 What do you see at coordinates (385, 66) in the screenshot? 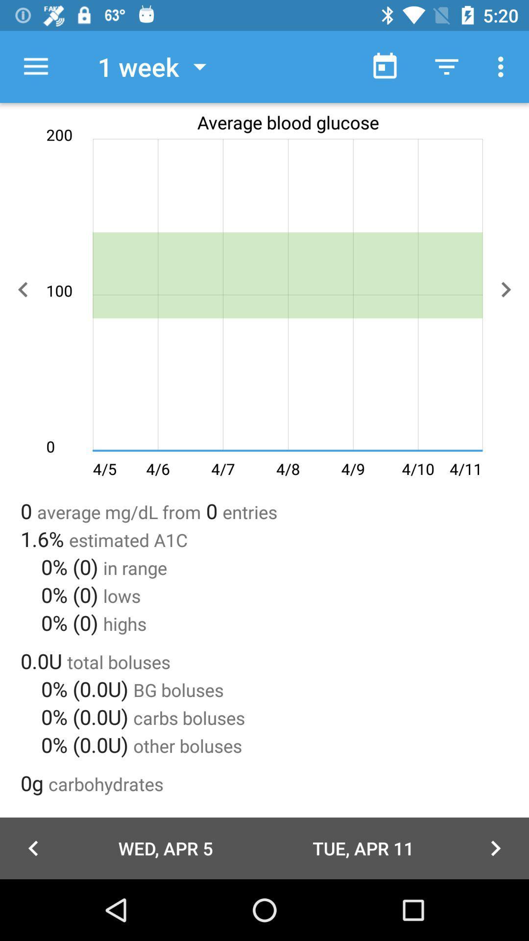
I see `the item next to 1 week item` at bounding box center [385, 66].